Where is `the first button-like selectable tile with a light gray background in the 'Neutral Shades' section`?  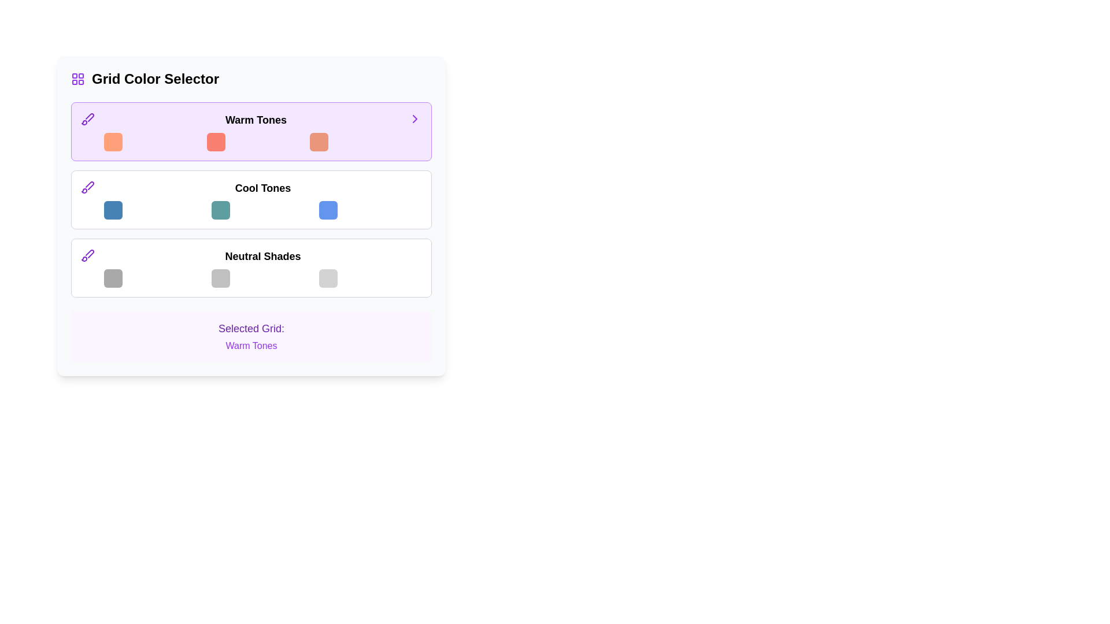 the first button-like selectable tile with a light gray background in the 'Neutral Shades' section is located at coordinates (113, 278).